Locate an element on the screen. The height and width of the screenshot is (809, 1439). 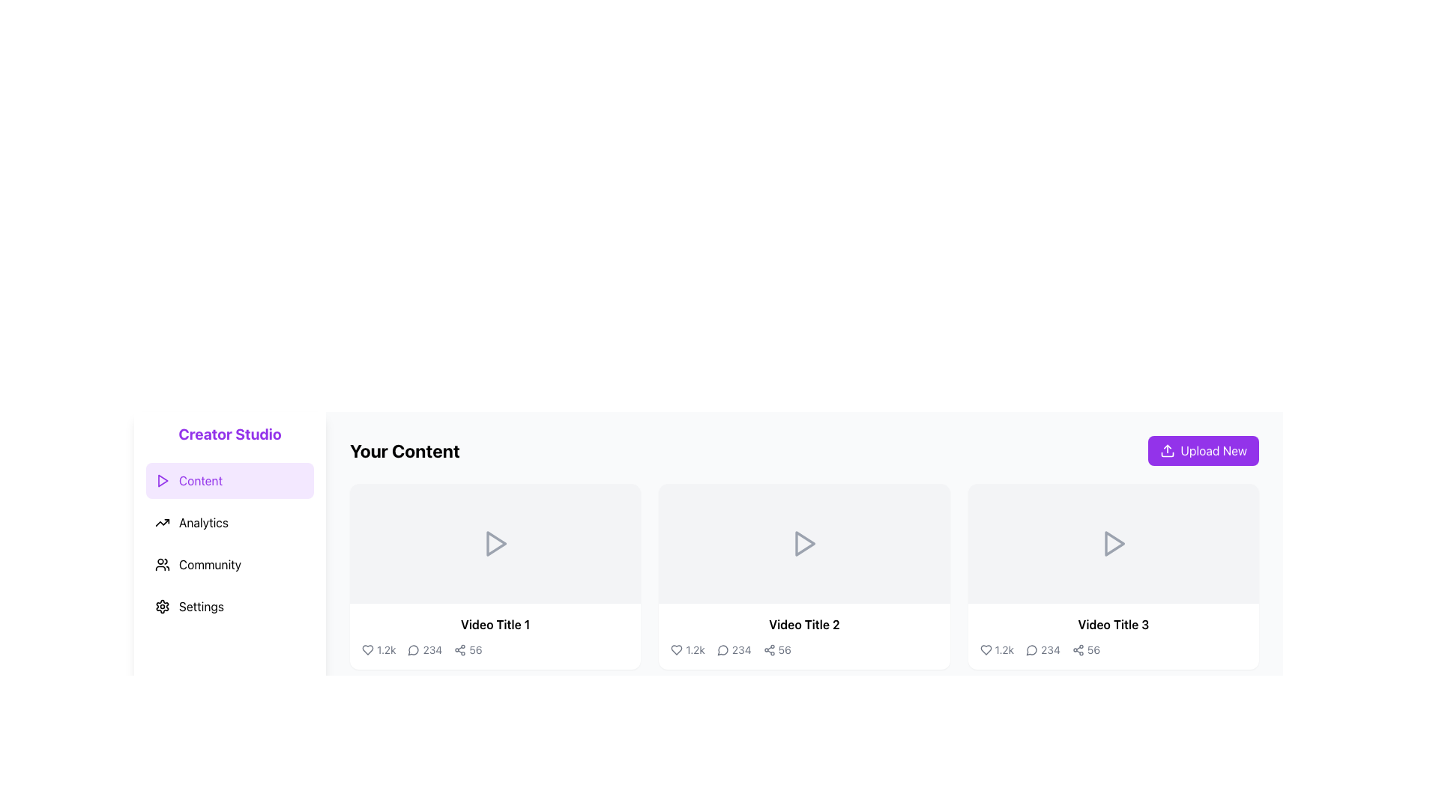
the second interactive card in a horizontally-aligned grid is located at coordinates (803, 636).